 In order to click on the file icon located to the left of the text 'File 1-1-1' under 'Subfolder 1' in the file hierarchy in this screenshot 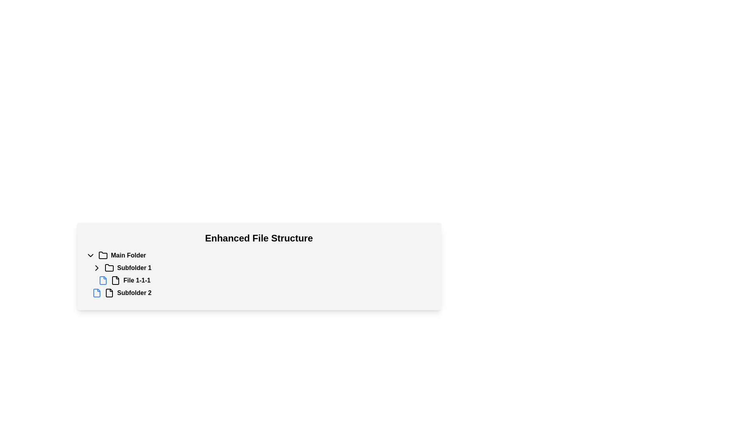, I will do `click(103, 280)`.